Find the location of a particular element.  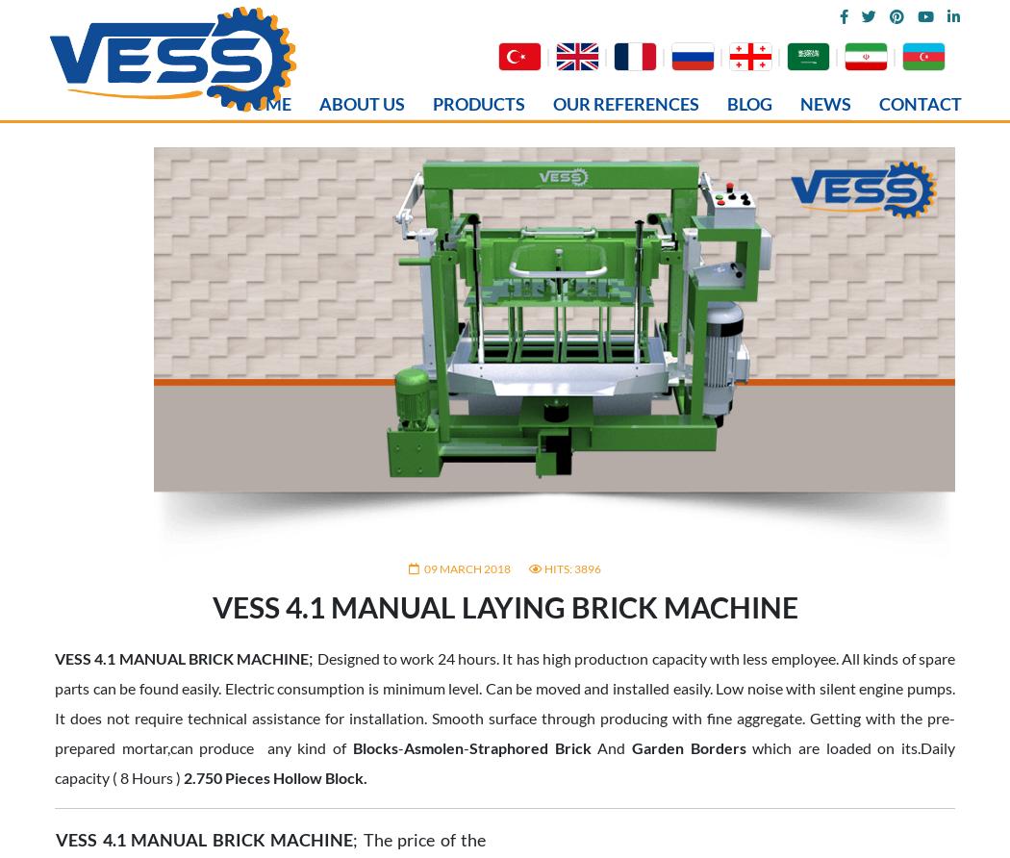

'Engine Quantity' is located at coordinates (124, 847).